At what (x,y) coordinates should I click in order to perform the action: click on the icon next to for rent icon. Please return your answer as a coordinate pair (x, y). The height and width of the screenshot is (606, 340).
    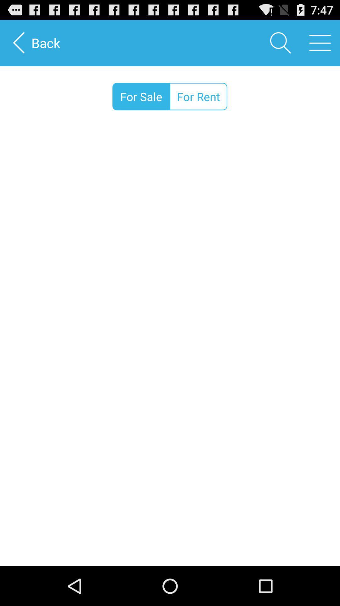
    Looking at the image, I should click on (141, 96).